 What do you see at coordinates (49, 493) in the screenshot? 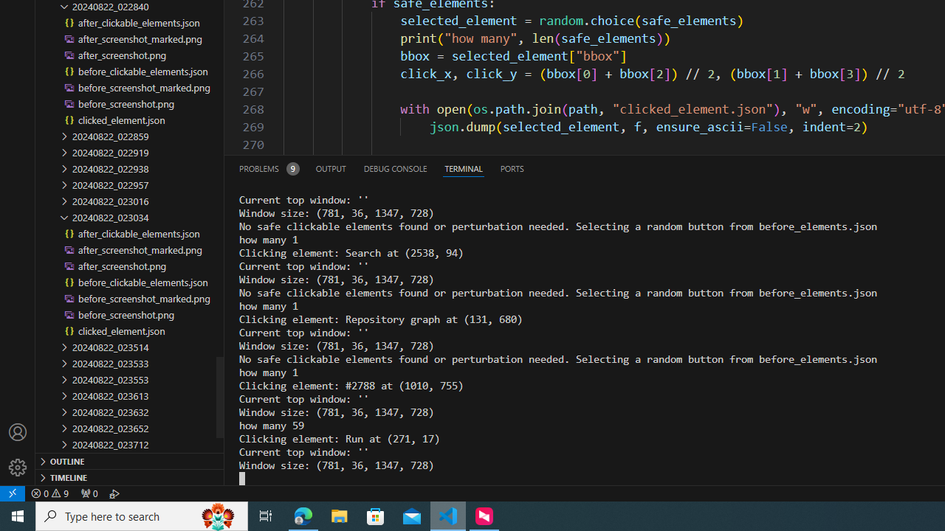
I see `'Warnings: 9'` at bounding box center [49, 493].